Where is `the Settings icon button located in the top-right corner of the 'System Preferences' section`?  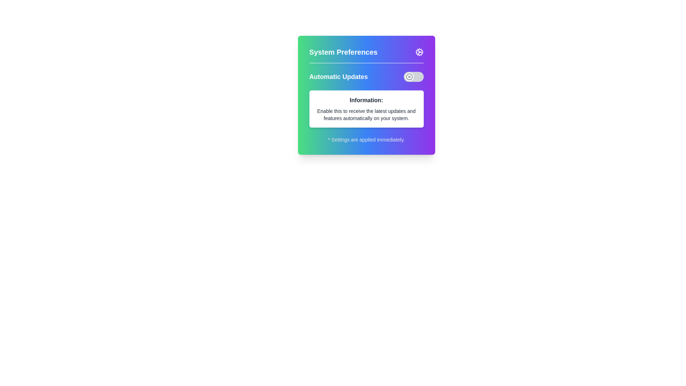 the Settings icon button located in the top-right corner of the 'System Preferences' section is located at coordinates (419, 52).